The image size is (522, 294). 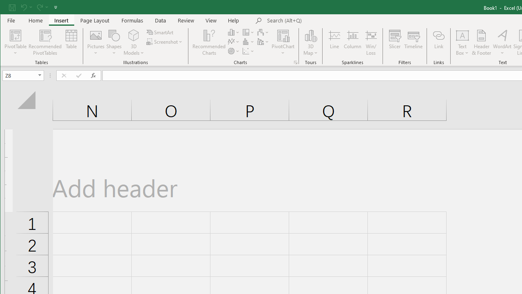 What do you see at coordinates (134, 42) in the screenshot?
I see `'3D Models'` at bounding box center [134, 42].